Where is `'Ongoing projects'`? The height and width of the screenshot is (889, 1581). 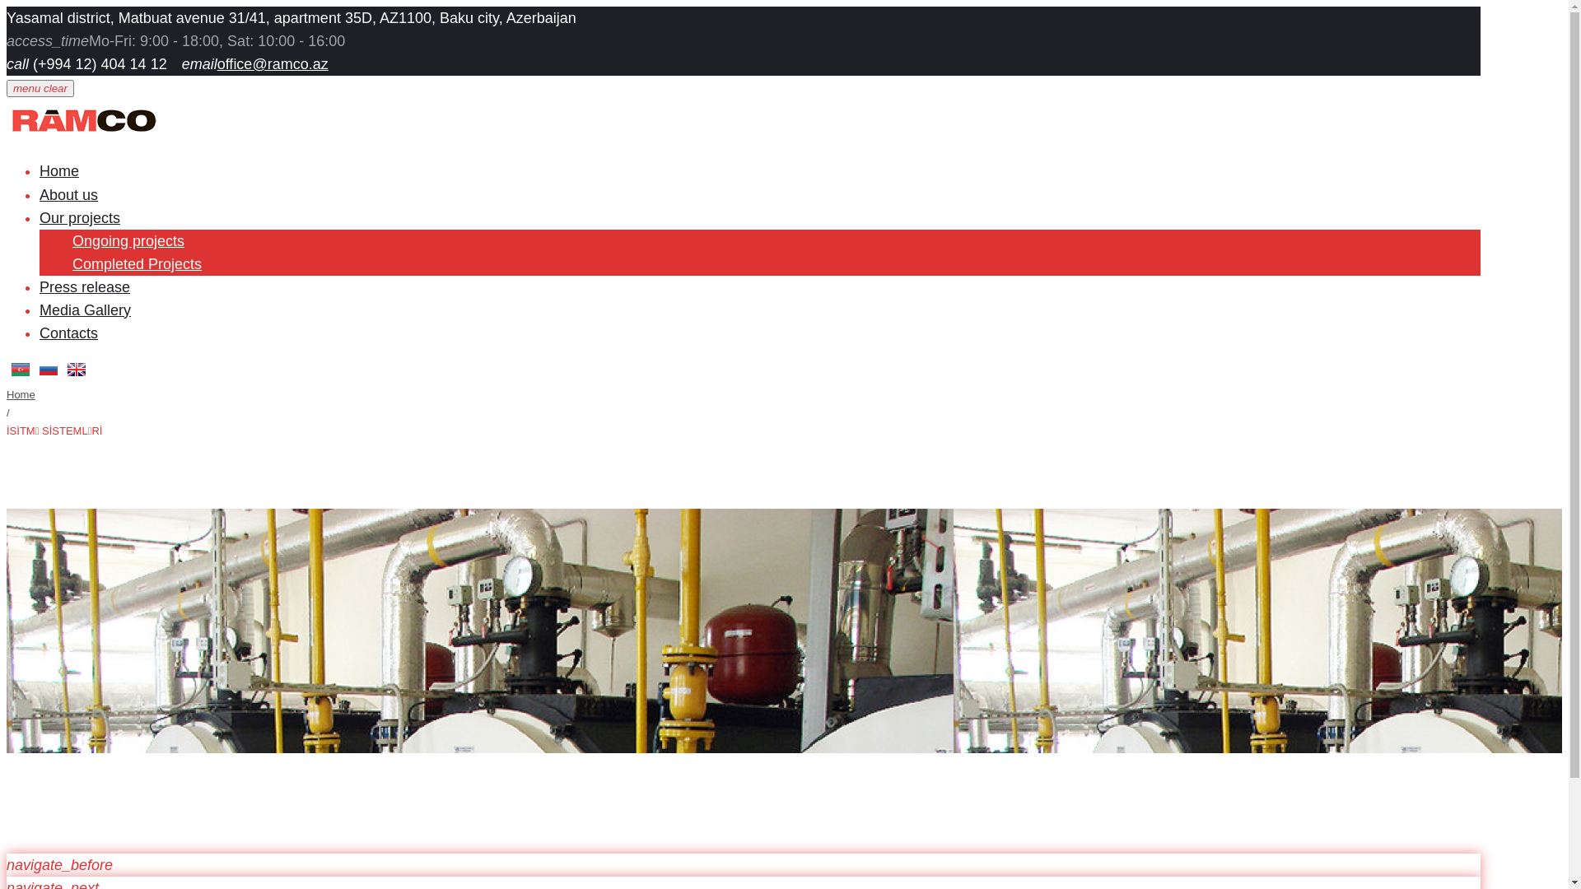 'Ongoing projects' is located at coordinates (71, 241).